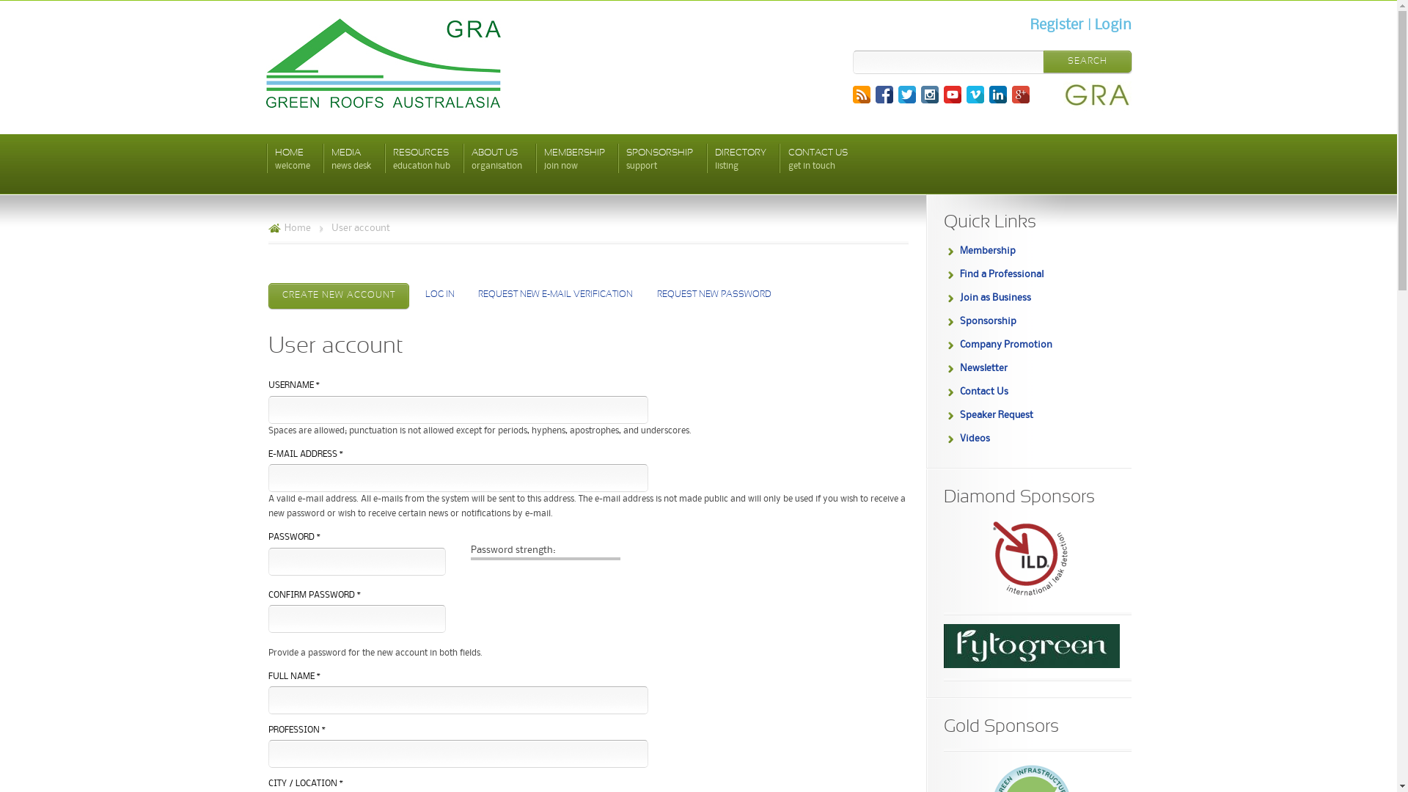 Image resolution: width=1408 pixels, height=792 pixels. Describe the element at coordinates (996, 415) in the screenshot. I see `'Speaker Request'` at that location.